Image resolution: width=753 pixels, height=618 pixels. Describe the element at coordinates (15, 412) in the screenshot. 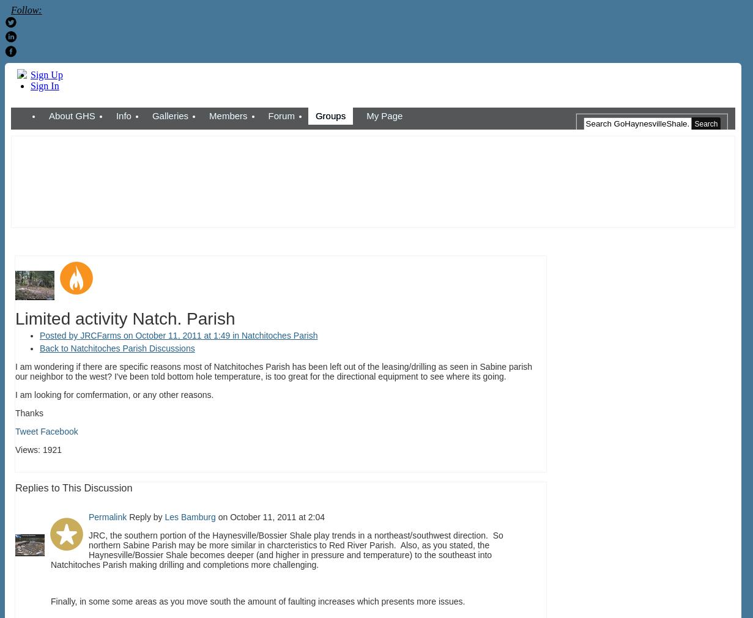

I see `'Thanks'` at that location.